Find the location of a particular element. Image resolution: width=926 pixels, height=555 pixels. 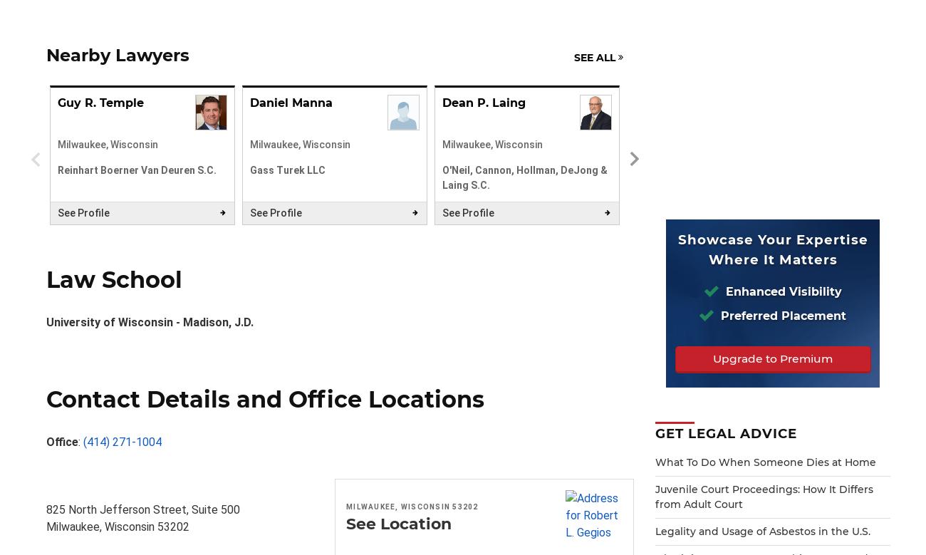

'Juvenile Court Proceedings: How It Differs from Adult Court' is located at coordinates (764, 496).